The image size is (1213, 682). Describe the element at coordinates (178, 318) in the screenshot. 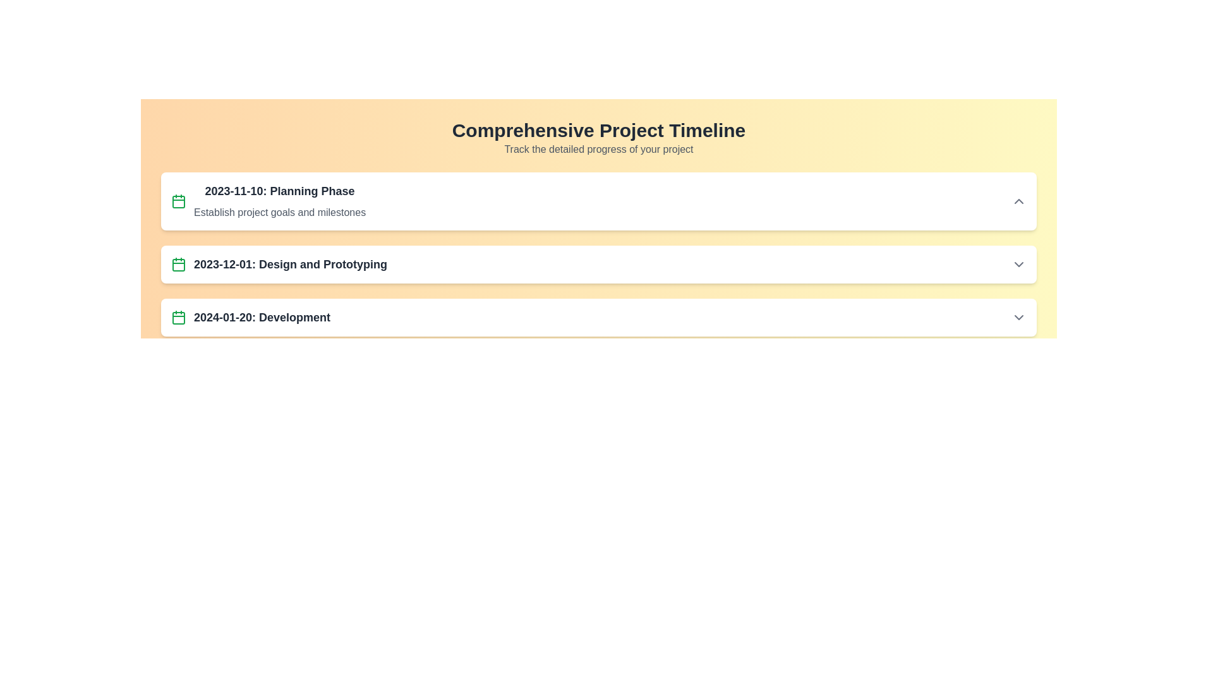

I see `the decorative graphic element which is a rounded rectangle with a light green border inside the calendar icon` at that location.